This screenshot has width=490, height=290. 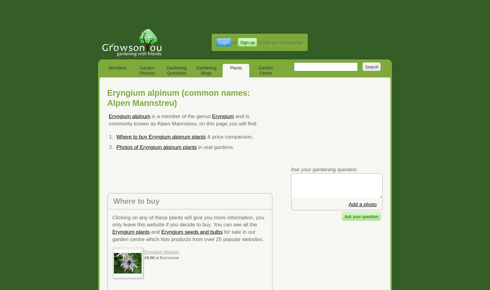 What do you see at coordinates (112, 221) in the screenshot?
I see `'Clicking on any of these plants will give you more information, you only leave this website if you decide to buy.
        You can see all the'` at bounding box center [112, 221].